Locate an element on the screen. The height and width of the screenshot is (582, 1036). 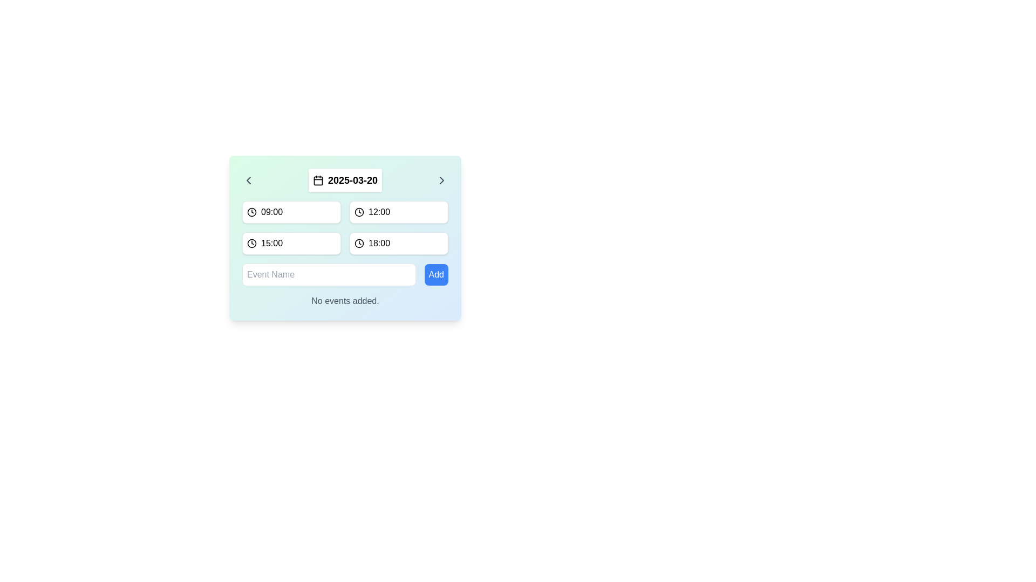
the blue 'Add' button with rounded corners for visual feedback is located at coordinates (436, 274).